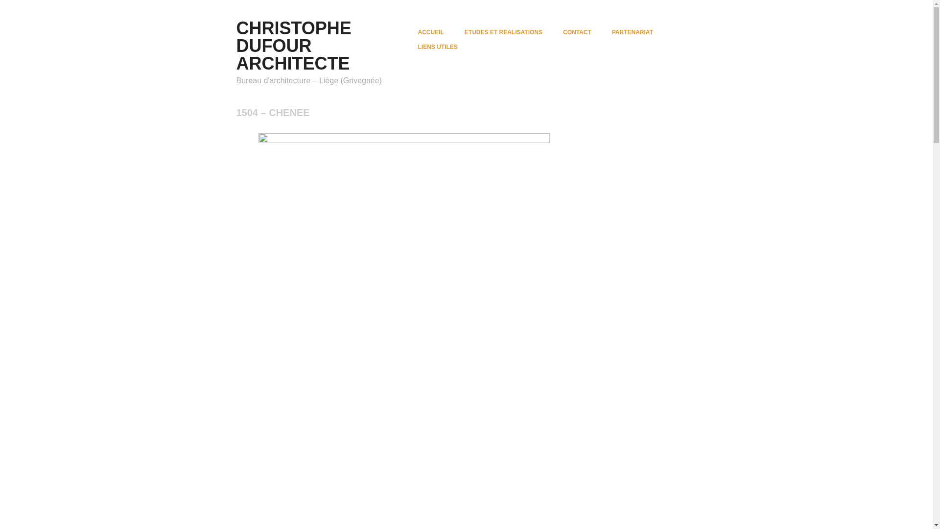 This screenshot has width=940, height=529. What do you see at coordinates (293, 46) in the screenshot?
I see `'CHRISTOPHE DUFOUR ARCHITECTE'` at bounding box center [293, 46].